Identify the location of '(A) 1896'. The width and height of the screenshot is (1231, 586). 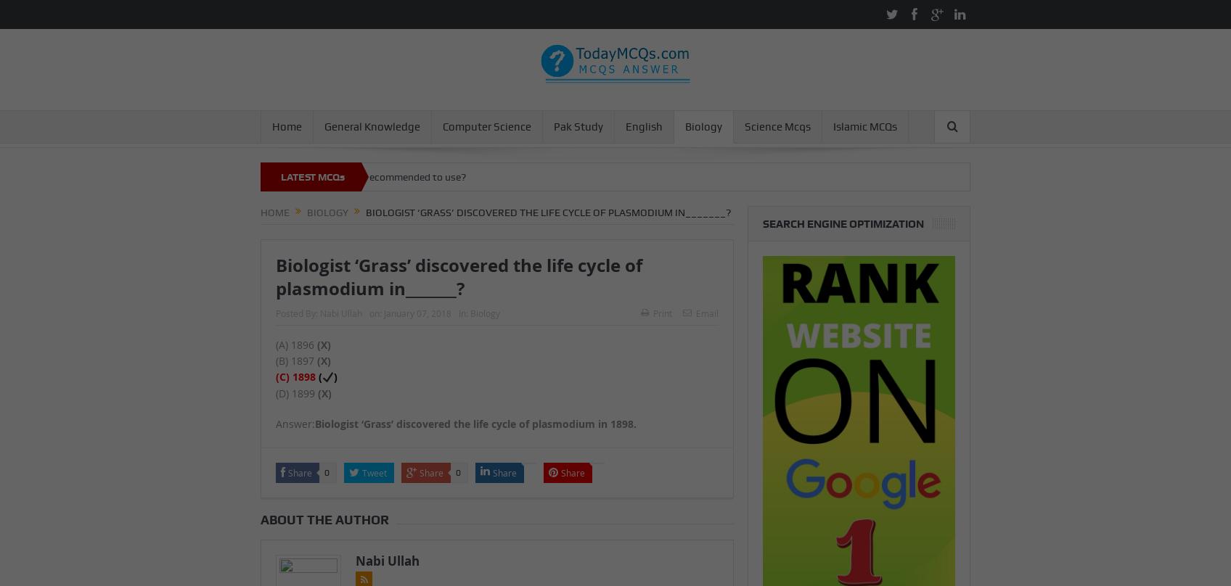
(295, 344).